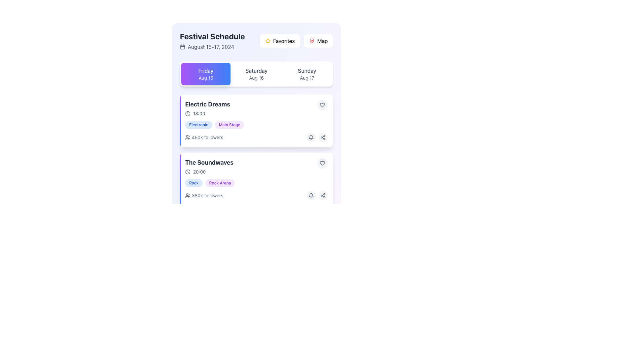  What do you see at coordinates (198, 125) in the screenshot?
I see `the blue 'Electronic' tag label` at bounding box center [198, 125].